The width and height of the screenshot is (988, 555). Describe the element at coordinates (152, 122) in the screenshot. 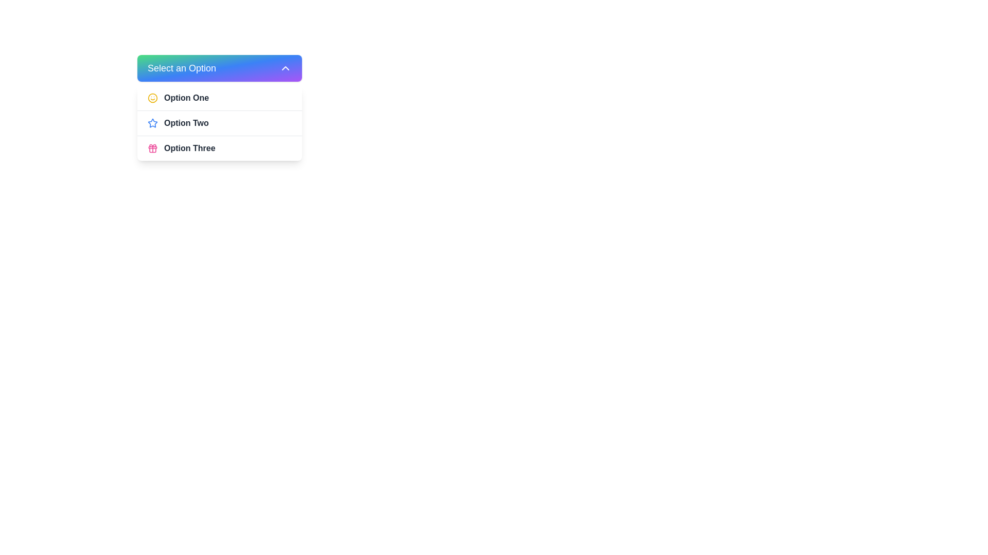

I see `the blue outlined star icon located to the left of the 'Option Two' label` at that location.